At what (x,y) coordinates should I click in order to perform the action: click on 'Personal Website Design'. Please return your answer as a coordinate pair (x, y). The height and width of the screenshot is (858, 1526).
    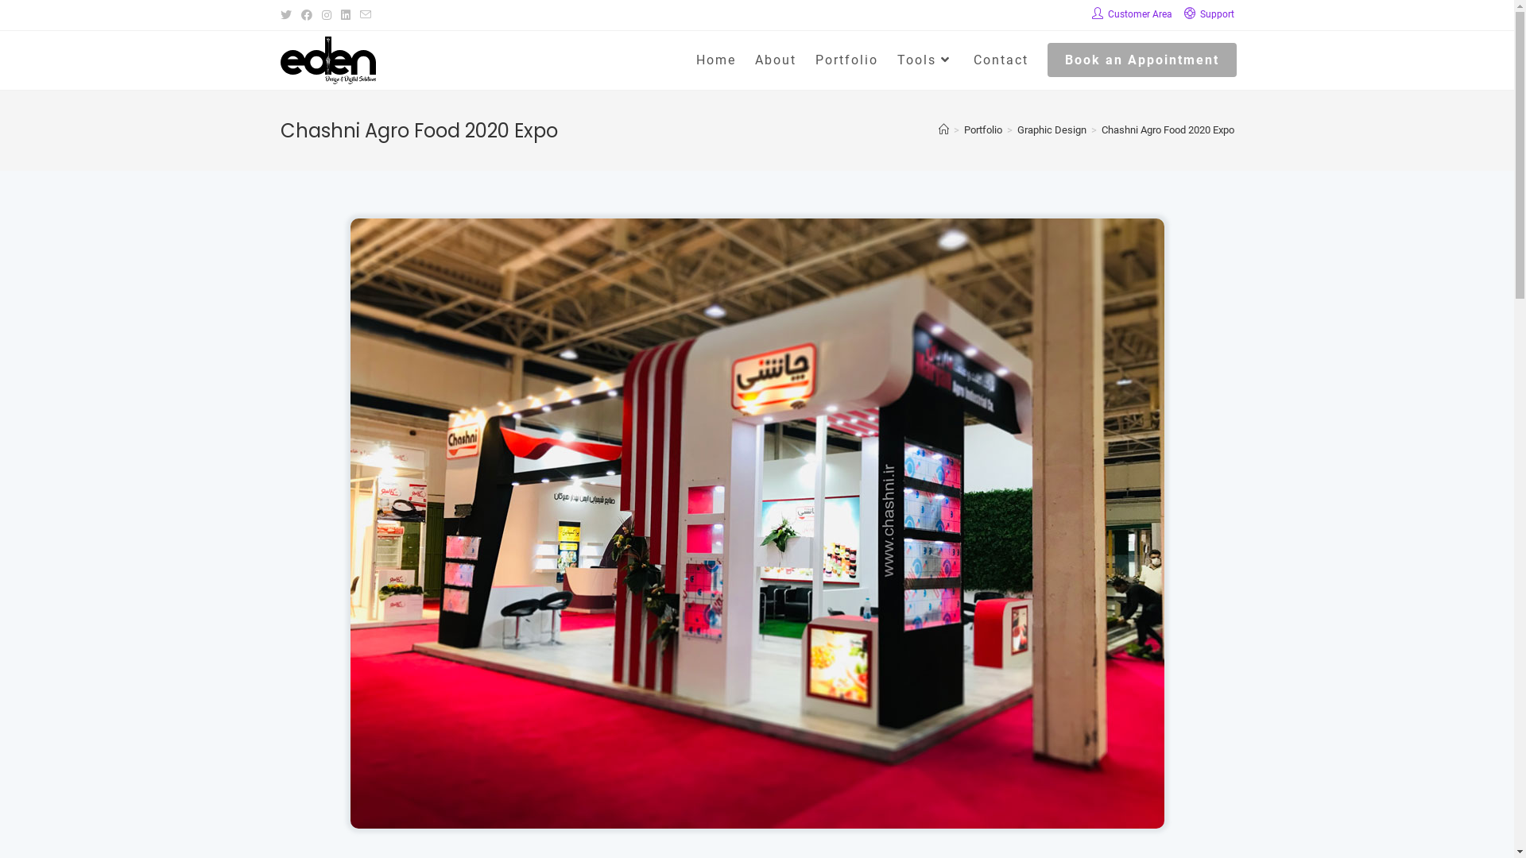
    Looking at the image, I should click on (876, 540).